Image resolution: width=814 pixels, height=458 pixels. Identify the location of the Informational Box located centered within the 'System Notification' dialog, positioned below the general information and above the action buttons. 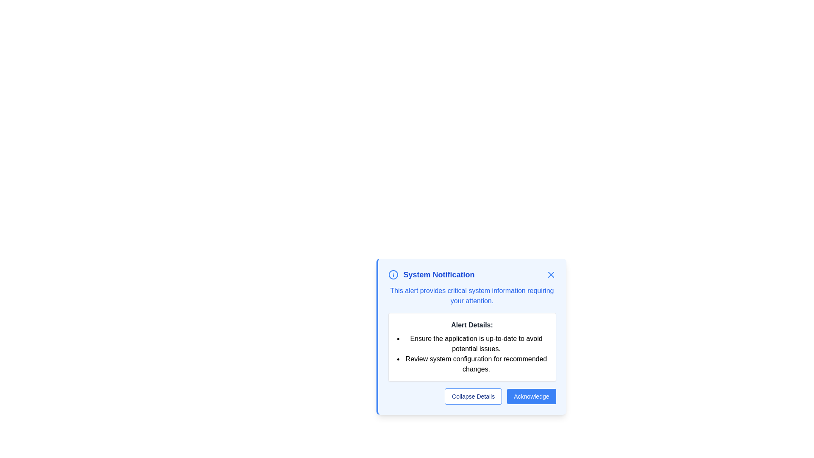
(471, 347).